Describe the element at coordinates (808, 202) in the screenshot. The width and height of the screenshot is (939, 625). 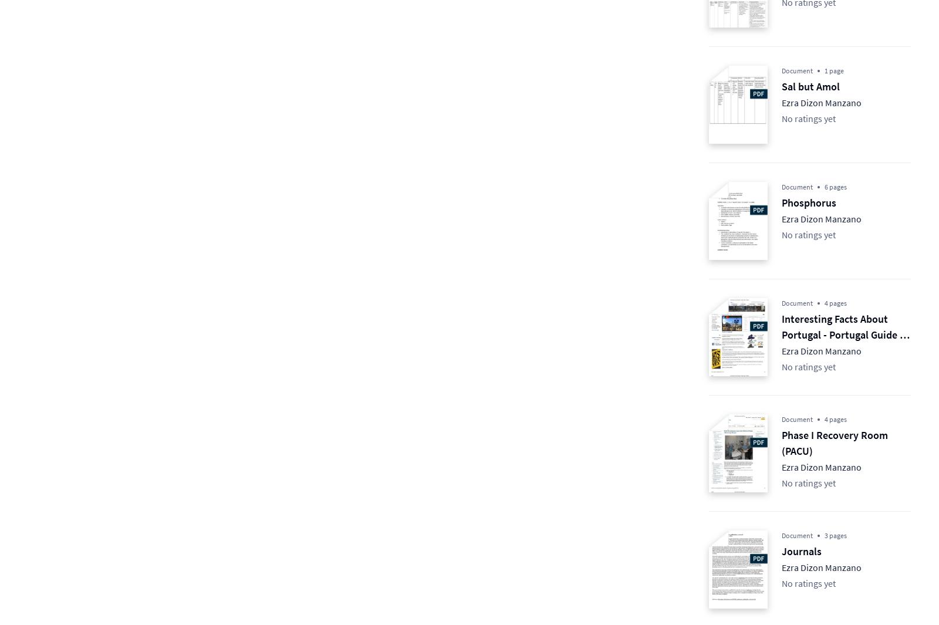
I see `'Phosphorus'` at that location.